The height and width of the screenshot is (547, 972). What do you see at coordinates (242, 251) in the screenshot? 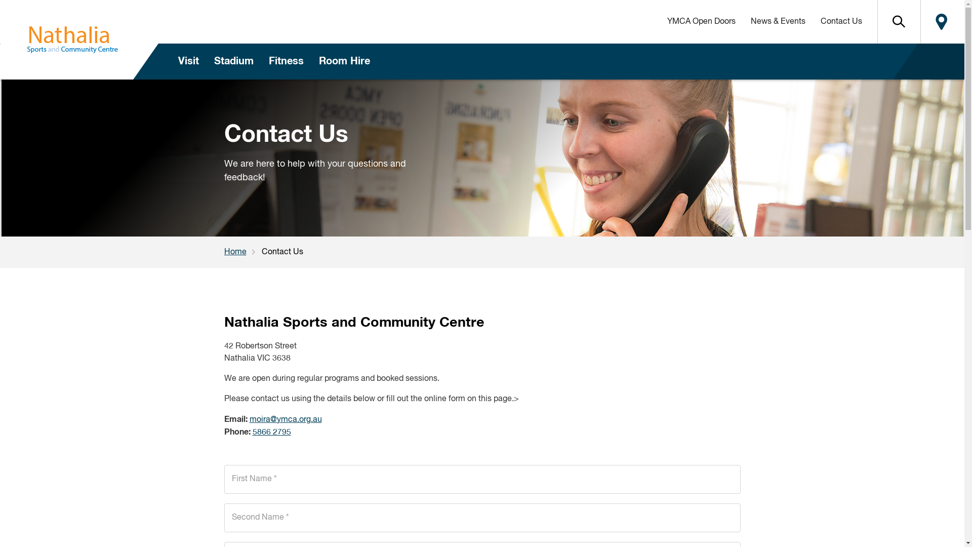
I see `'Home'` at bounding box center [242, 251].